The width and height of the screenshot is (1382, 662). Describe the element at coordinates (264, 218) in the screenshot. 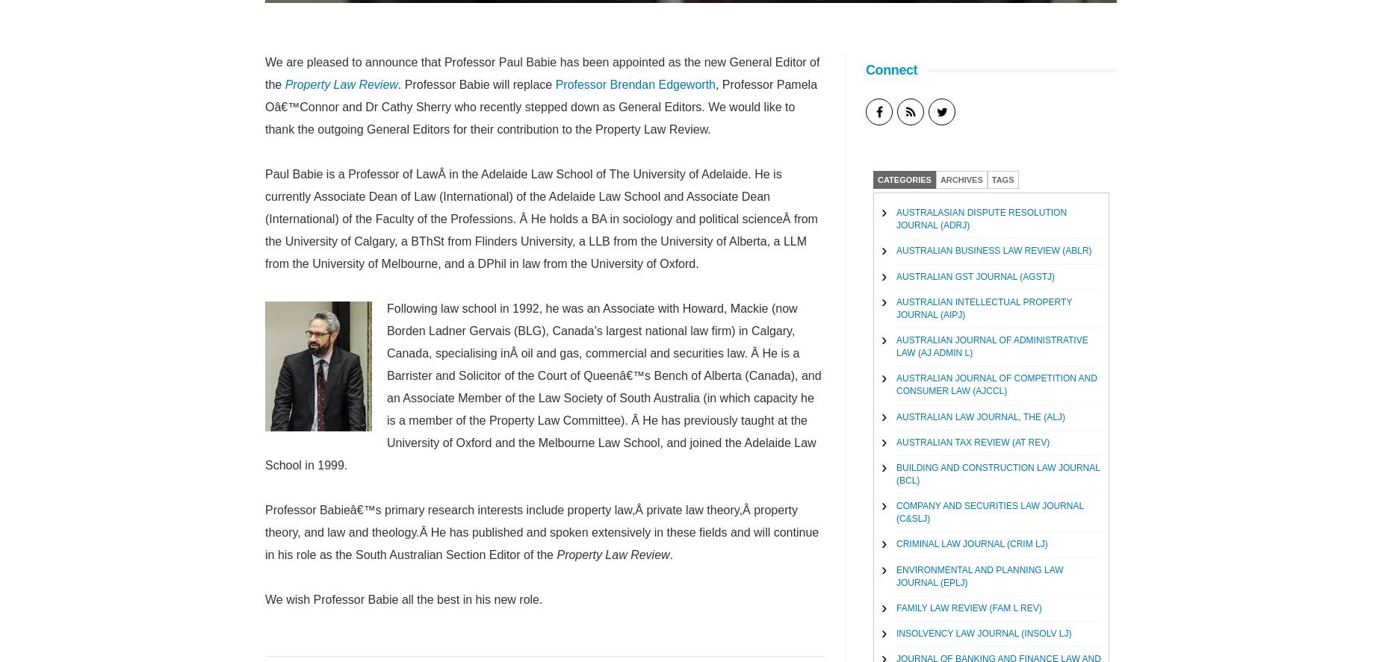

I see `'Paul Babie is a Professor of LawÂ in the Adelaide Law School of The University of Adelaide. He is currently Associate Dean of Law (International) of the Adelaide Law School and Associate Dean (International) of the Faculty of the Professions. Â He holds a BA in sociology and political scienceÂ from the University of Calgary, a BThSt from Flinders University, a LLB from the University of Alberta, a LLM from the University of Melbourne, and a DPhil in law from the University of Oxford.'` at that location.